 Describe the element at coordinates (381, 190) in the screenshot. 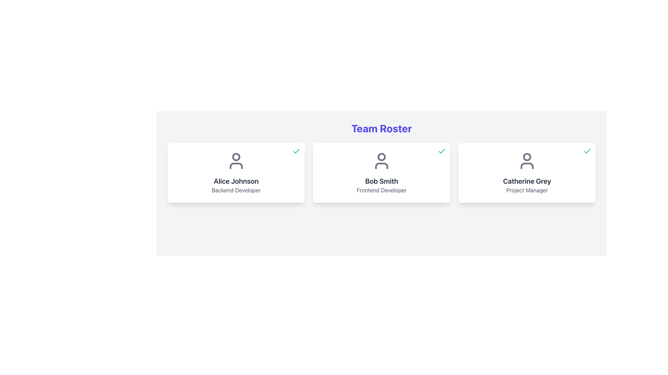

I see `the text label reading 'Frontend Developer', which is styled in gray and located below the name 'Bob Smith' in the team roster card` at that location.